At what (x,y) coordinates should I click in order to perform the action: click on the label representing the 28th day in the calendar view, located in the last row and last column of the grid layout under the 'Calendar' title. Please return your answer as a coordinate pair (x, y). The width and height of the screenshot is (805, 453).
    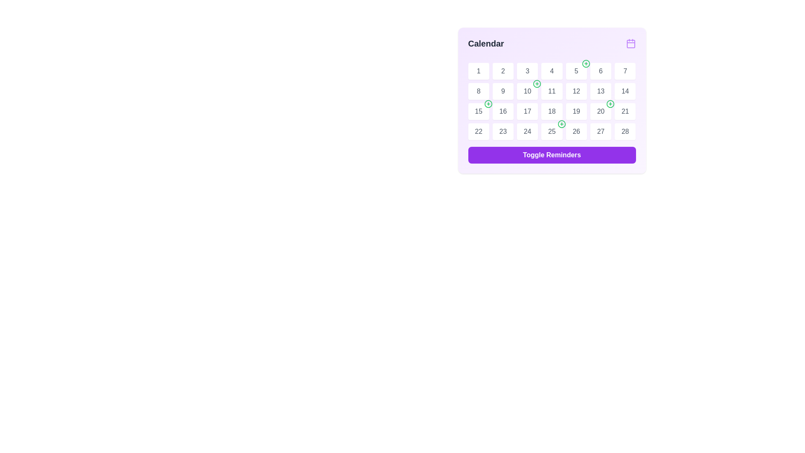
    Looking at the image, I should click on (625, 131).